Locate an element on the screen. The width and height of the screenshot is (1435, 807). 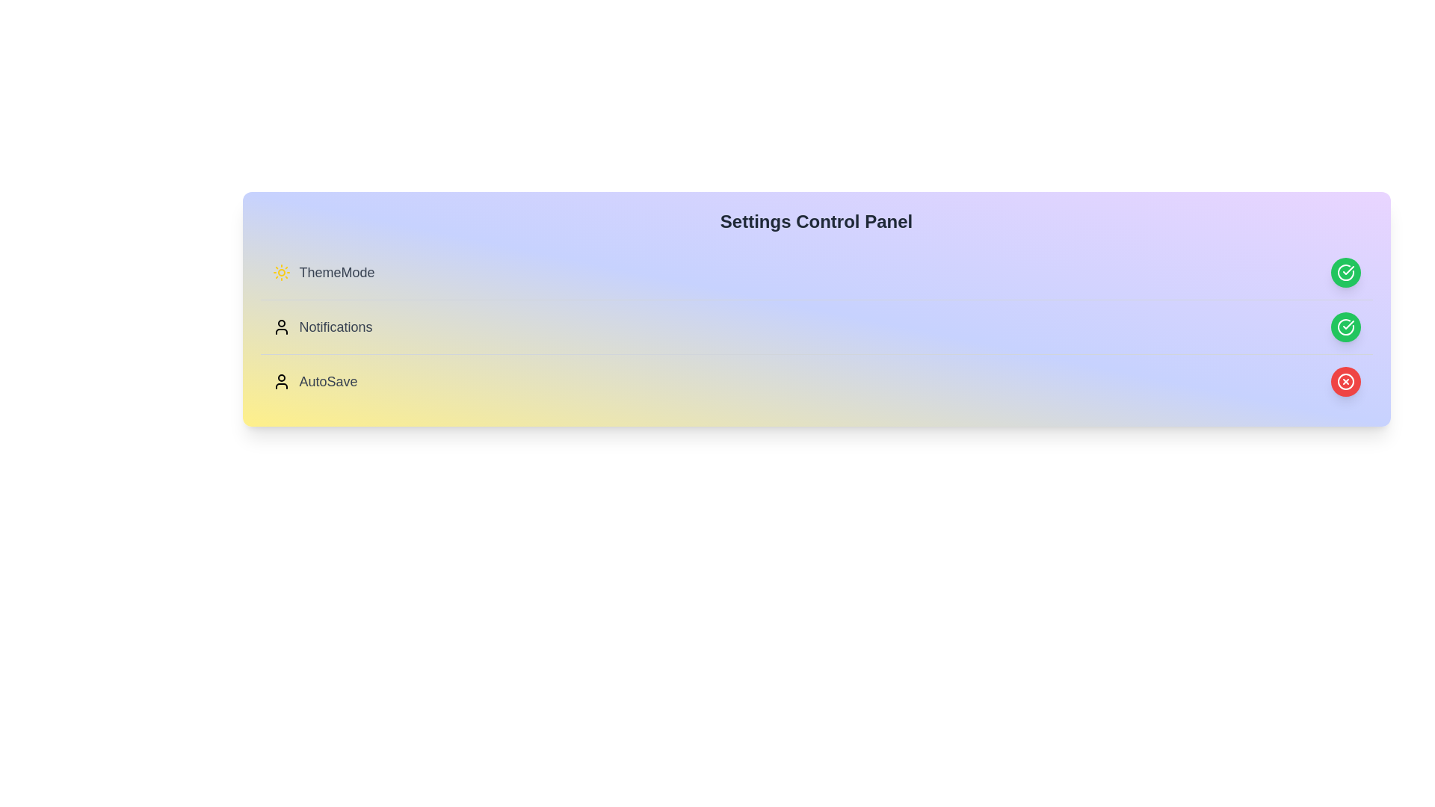
the AutoSave toggle button to change its state is located at coordinates (1345, 380).